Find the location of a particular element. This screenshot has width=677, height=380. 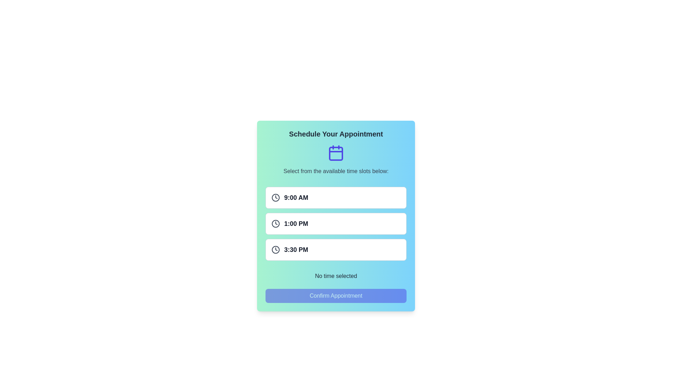

the circular clock icon, which is styled with a border and clock hands, located to the left of the text '1:00 PM' is located at coordinates (275, 224).